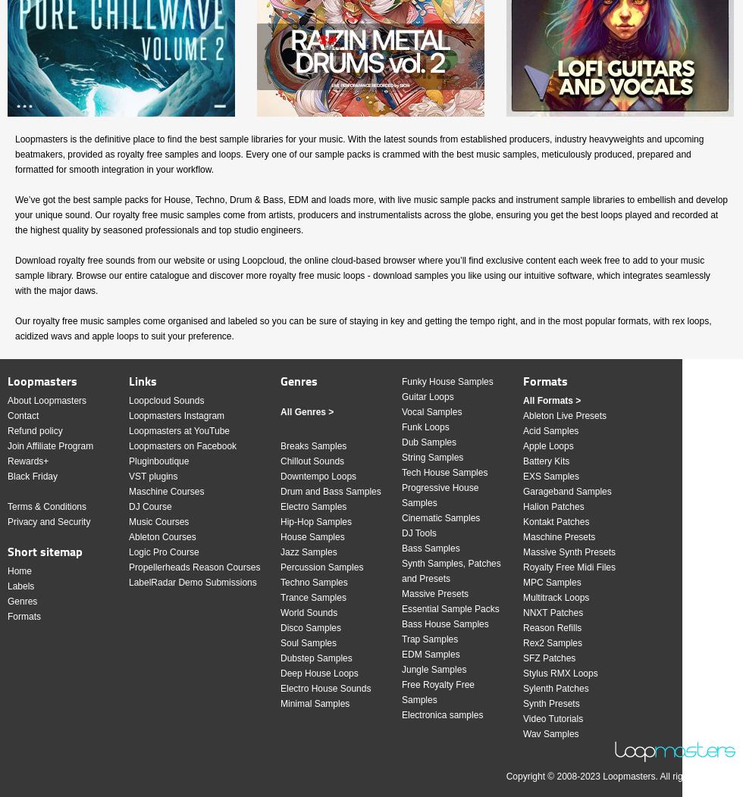 The width and height of the screenshot is (743, 797). I want to click on 'Logic Pro Course', so click(163, 552).